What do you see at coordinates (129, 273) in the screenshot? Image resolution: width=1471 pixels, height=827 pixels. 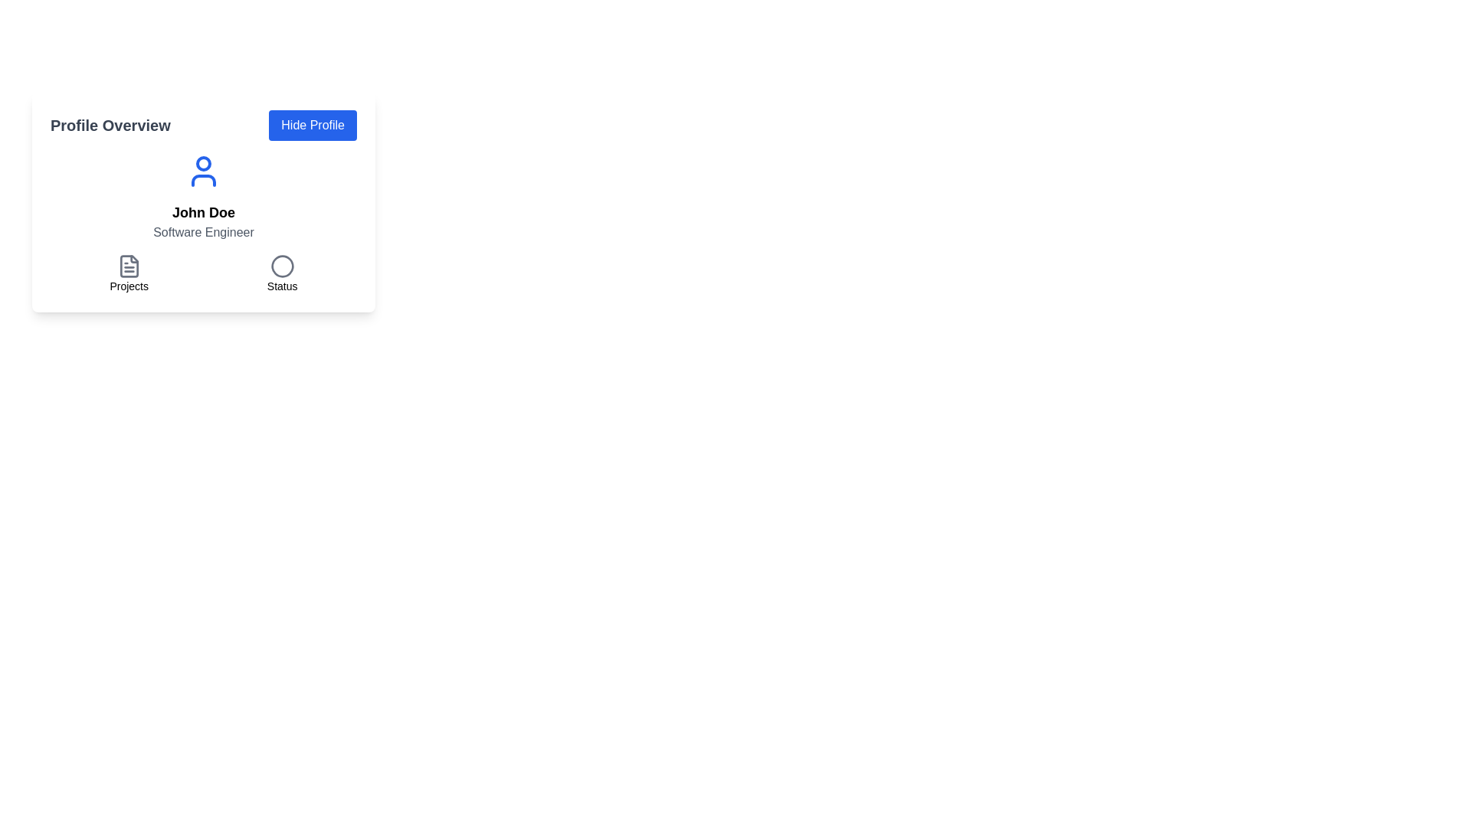 I see `the 'Projects' icon, which features a gray document icon above the text, located in the bottom-left section of the 'Profile Overview' card` at bounding box center [129, 273].